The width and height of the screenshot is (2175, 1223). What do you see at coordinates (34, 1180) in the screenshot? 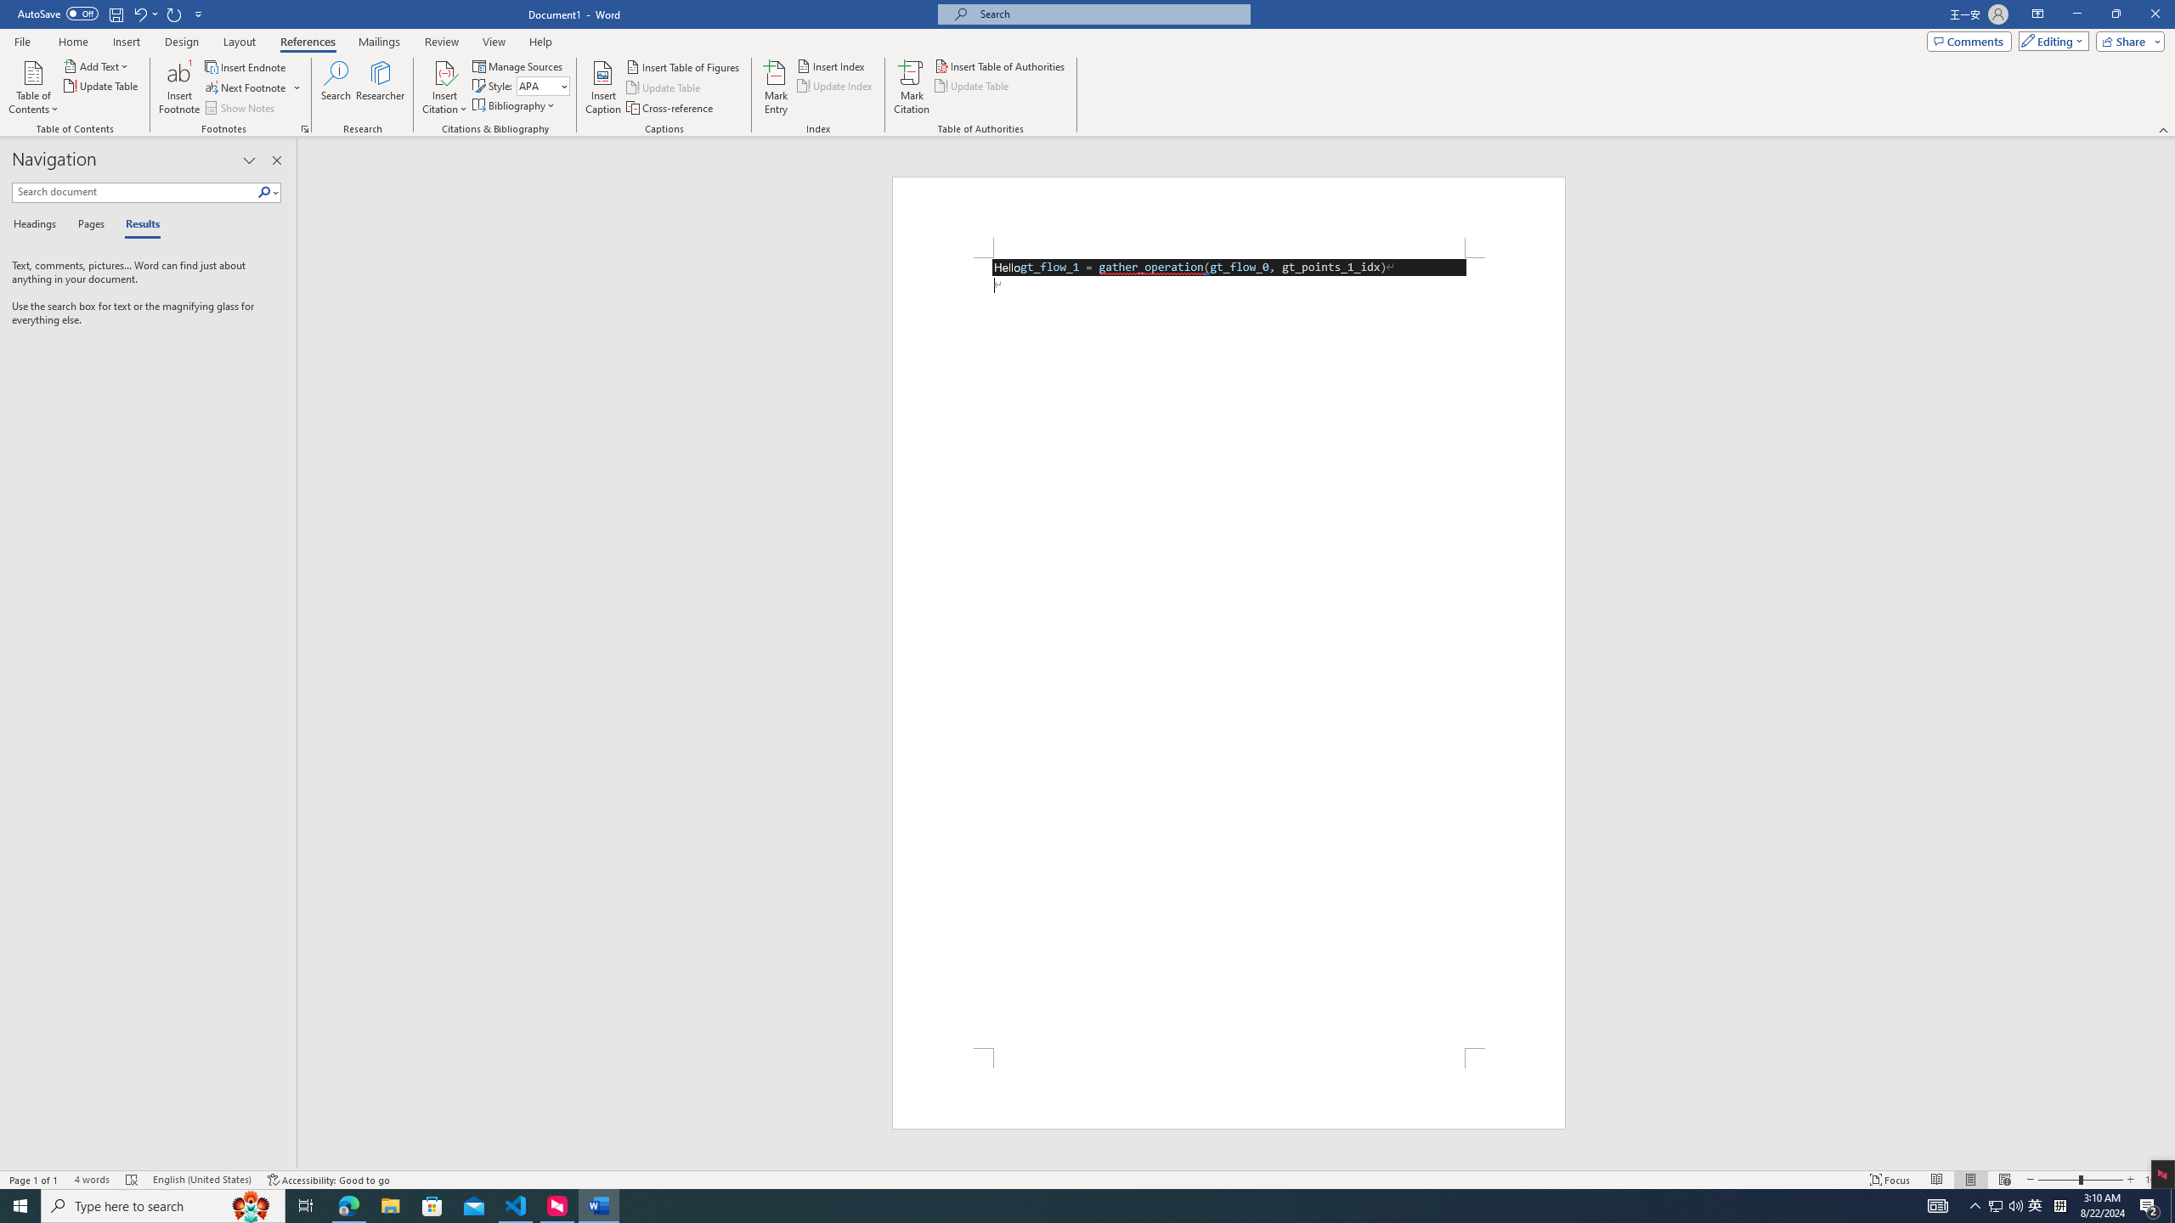
I see `'Page Number Page 1 of 1'` at bounding box center [34, 1180].